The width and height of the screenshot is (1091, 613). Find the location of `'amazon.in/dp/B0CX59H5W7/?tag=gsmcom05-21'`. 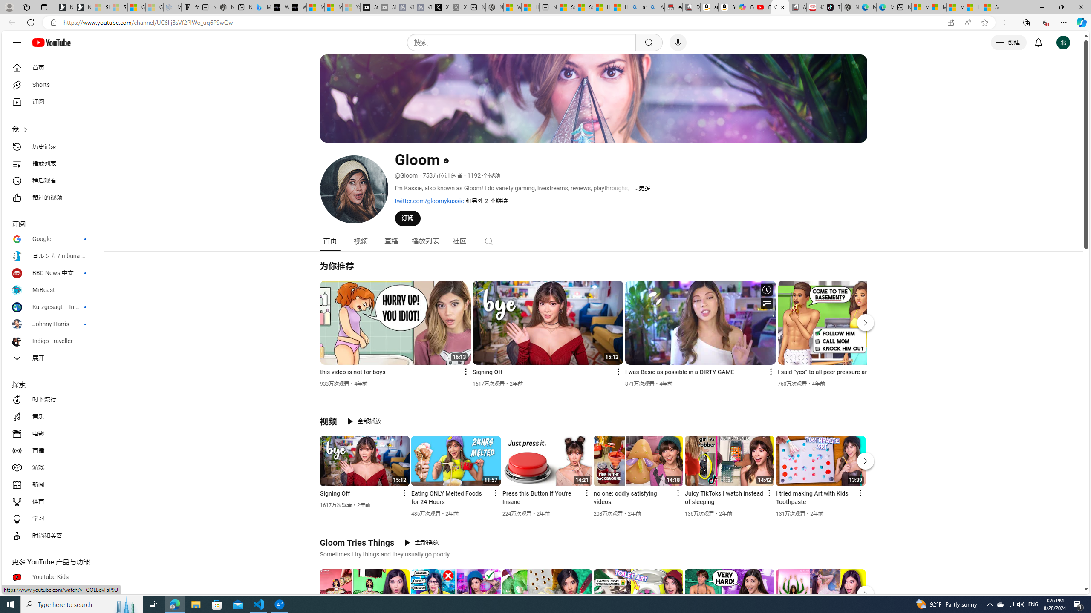

'amazon.in/dp/B0CX59H5W7/?tag=gsmcom05-21' is located at coordinates (709, 7).